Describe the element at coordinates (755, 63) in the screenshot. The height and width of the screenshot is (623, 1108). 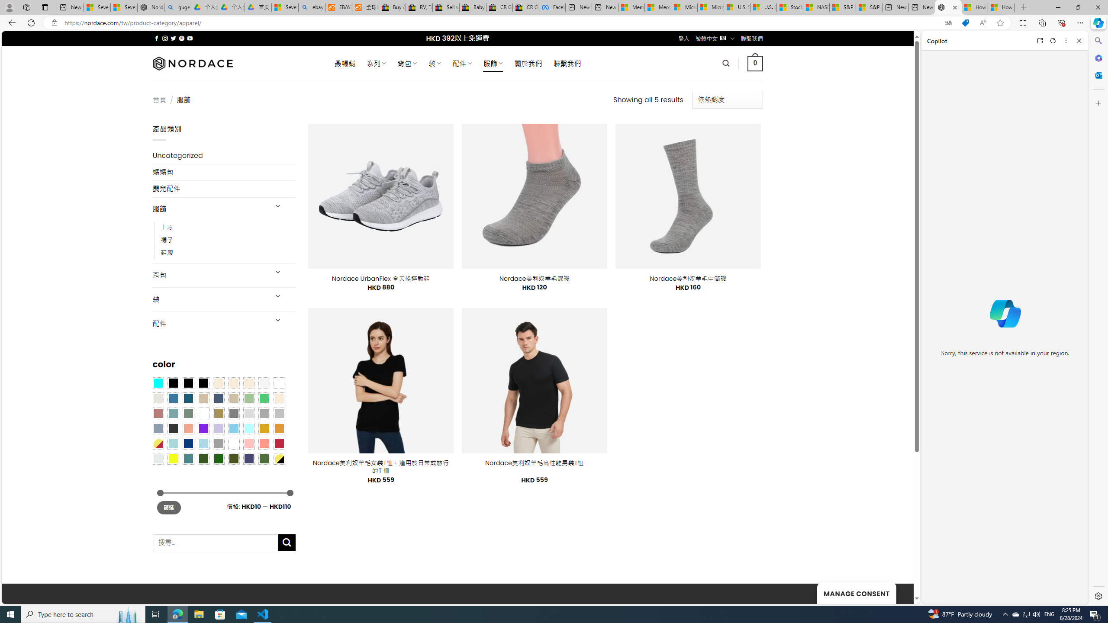
I see `'  0  '` at that location.